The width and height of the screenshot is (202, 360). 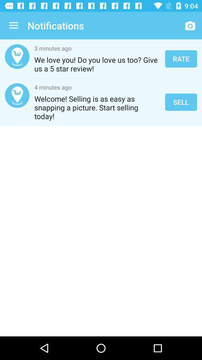 What do you see at coordinates (181, 58) in the screenshot?
I see `the rate` at bounding box center [181, 58].